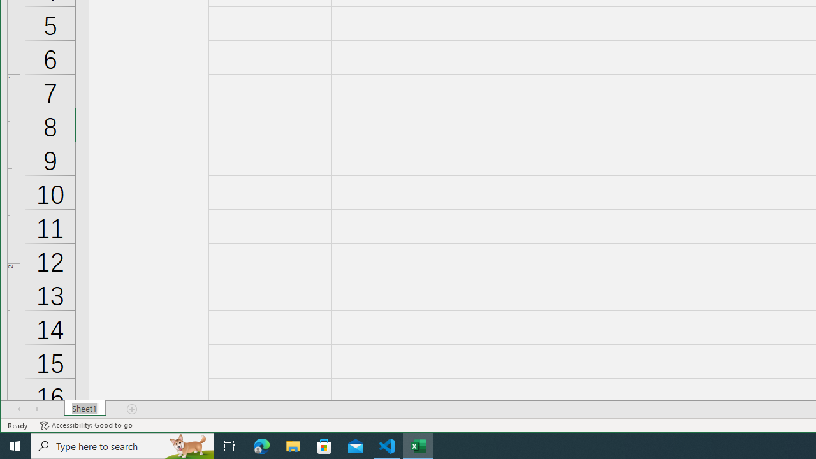  What do you see at coordinates (122, 445) in the screenshot?
I see `'Type here to search'` at bounding box center [122, 445].